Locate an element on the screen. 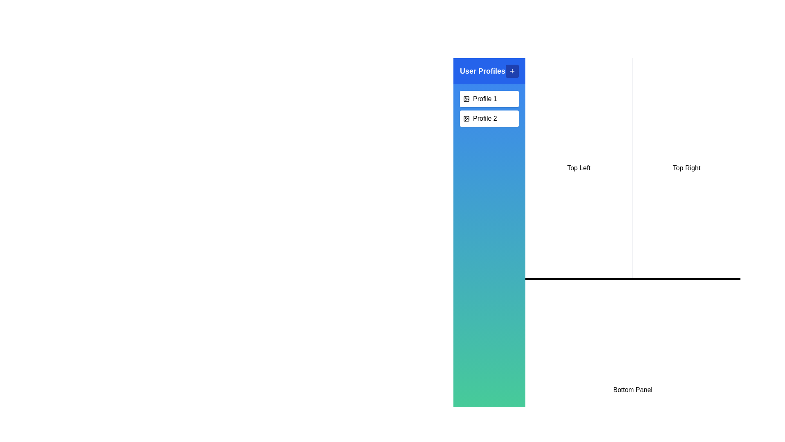 The width and height of the screenshot is (785, 442). SVG Shape that serves as the stylized background for the 'Profile 2' label in the list for debugging purposes is located at coordinates (467, 118).